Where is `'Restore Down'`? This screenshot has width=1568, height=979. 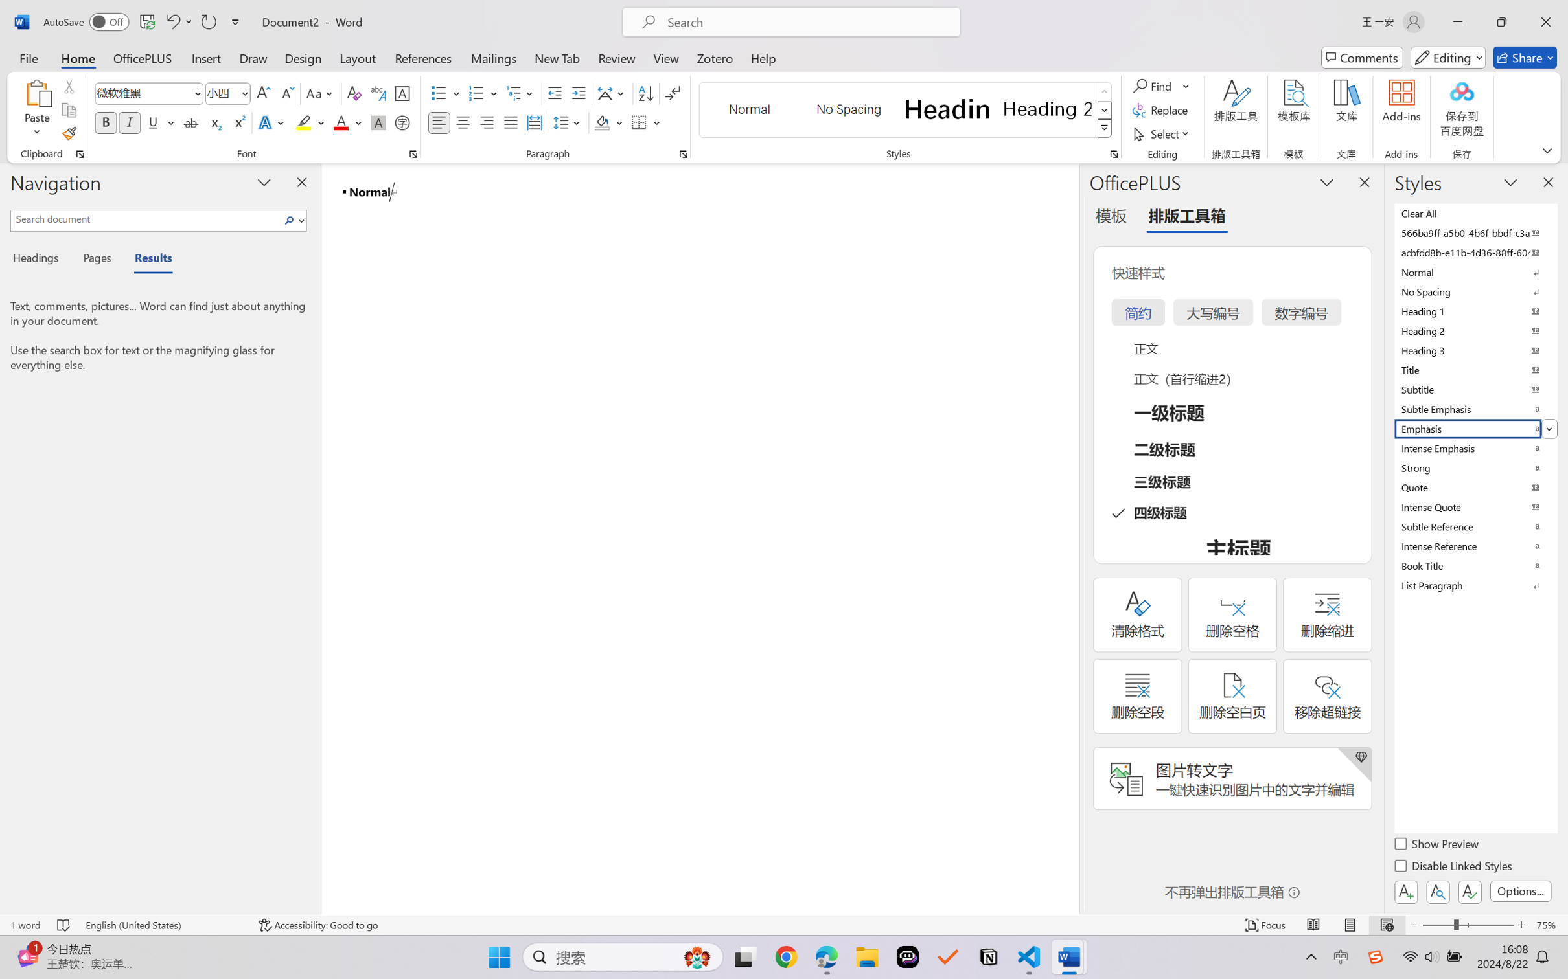
'Restore Down' is located at coordinates (1502, 21).